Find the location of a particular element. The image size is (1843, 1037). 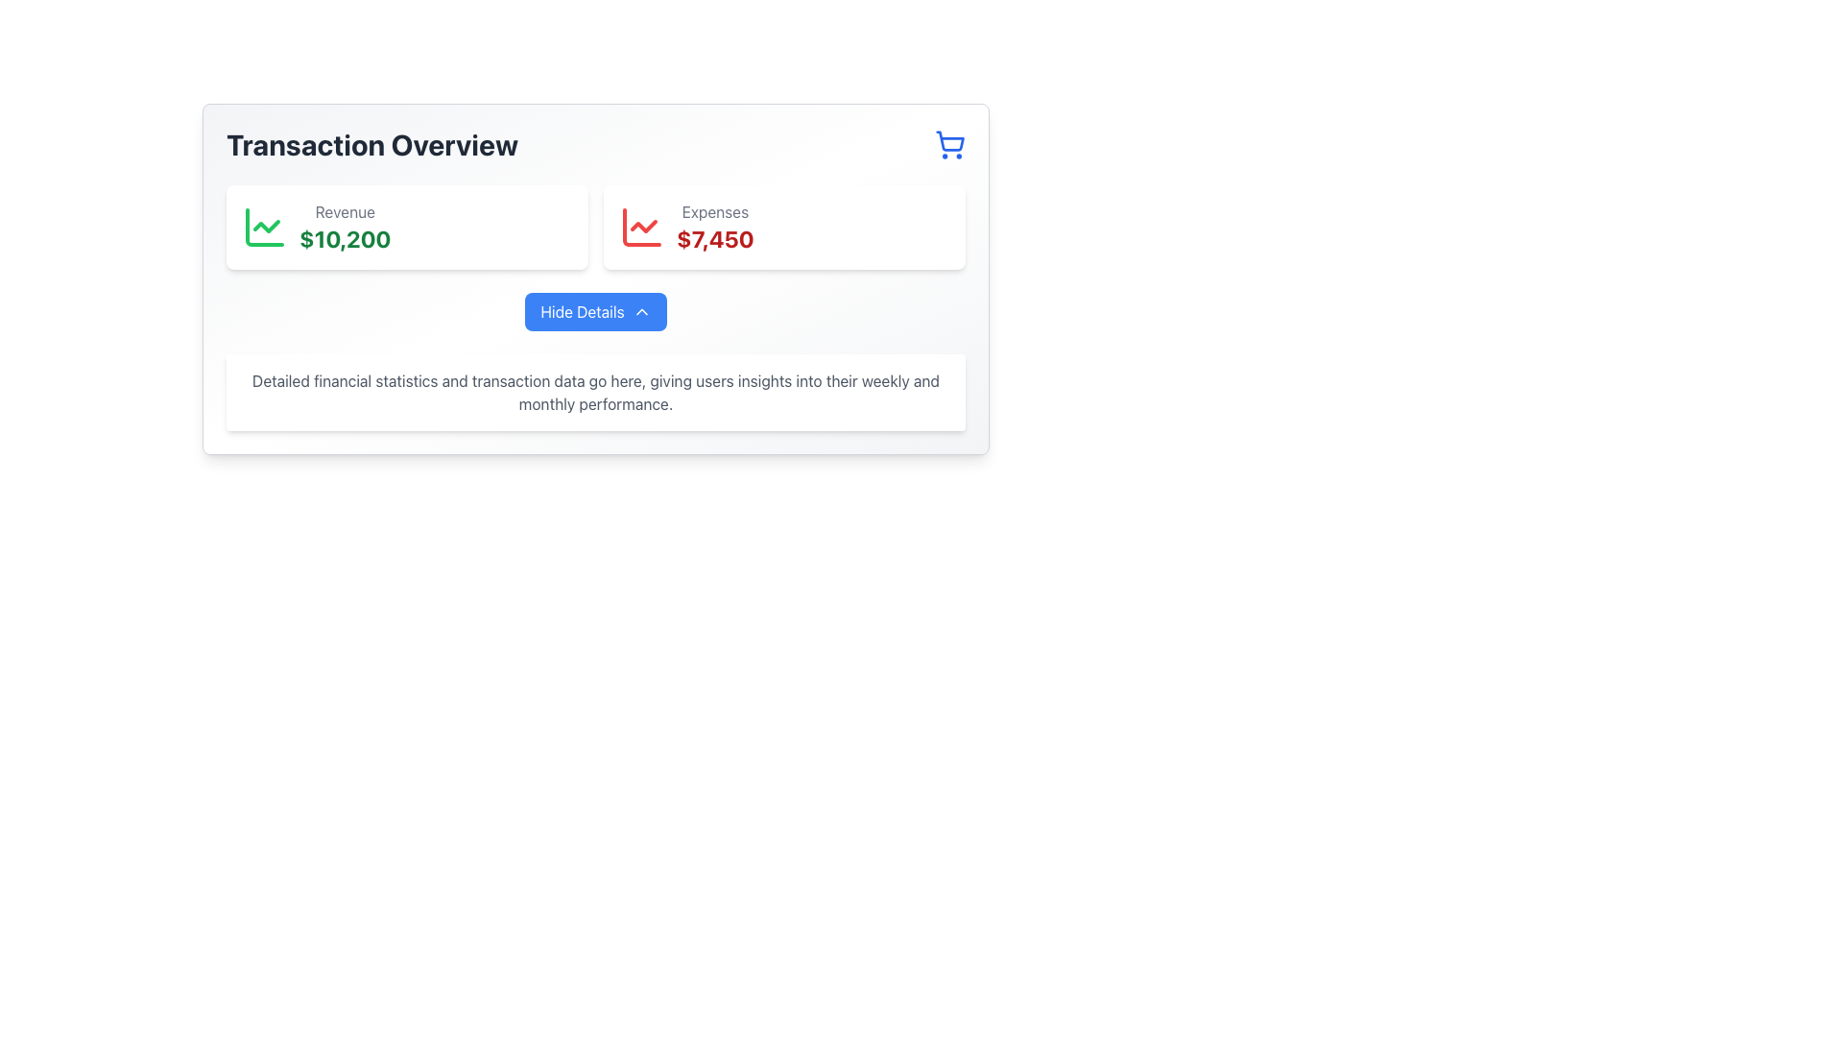

the 'Hide Details' button located in the Information panel, which serves as an overview for financial transaction data is located at coordinates (594, 278).